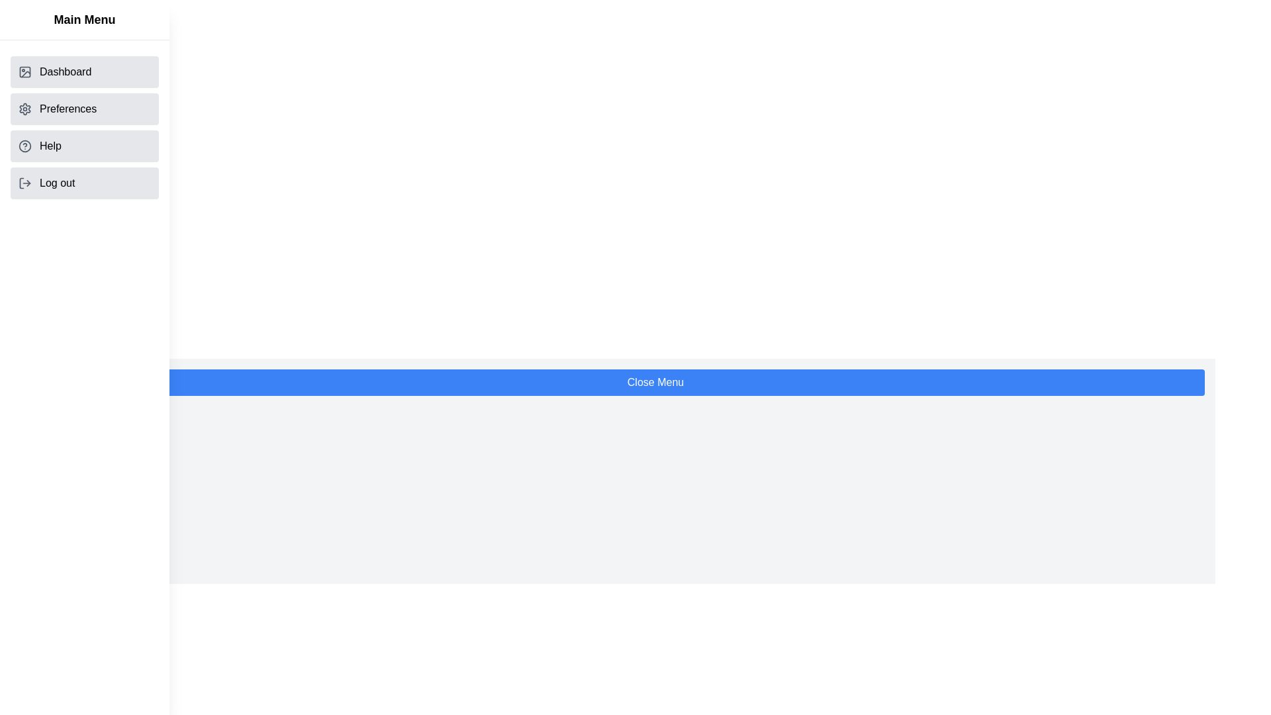 The height and width of the screenshot is (715, 1271). Describe the element at coordinates (84, 183) in the screenshot. I see `the 'Log out' option in the menu` at that location.